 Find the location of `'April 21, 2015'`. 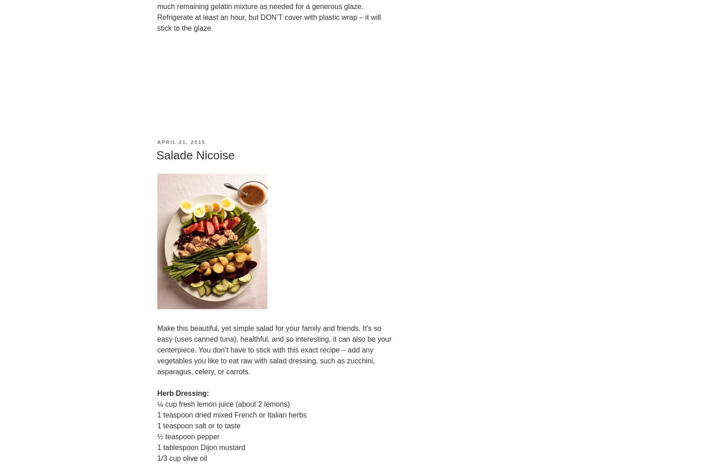

'April 21, 2015' is located at coordinates (181, 142).